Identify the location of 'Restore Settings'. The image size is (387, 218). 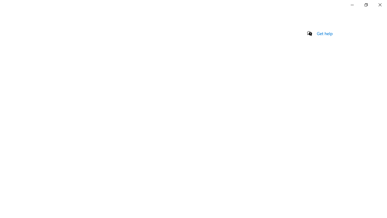
(366, 5).